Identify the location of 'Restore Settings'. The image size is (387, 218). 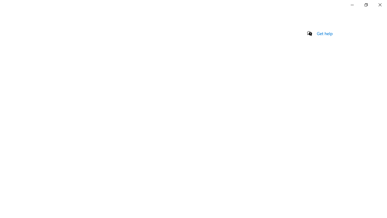
(366, 5).